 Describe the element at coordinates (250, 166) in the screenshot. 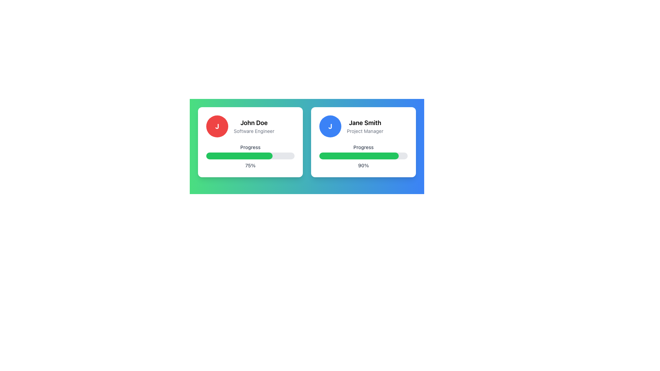

I see `the Text Label displaying '75%' which is located below the green progress bar in the leftmost user card` at that location.